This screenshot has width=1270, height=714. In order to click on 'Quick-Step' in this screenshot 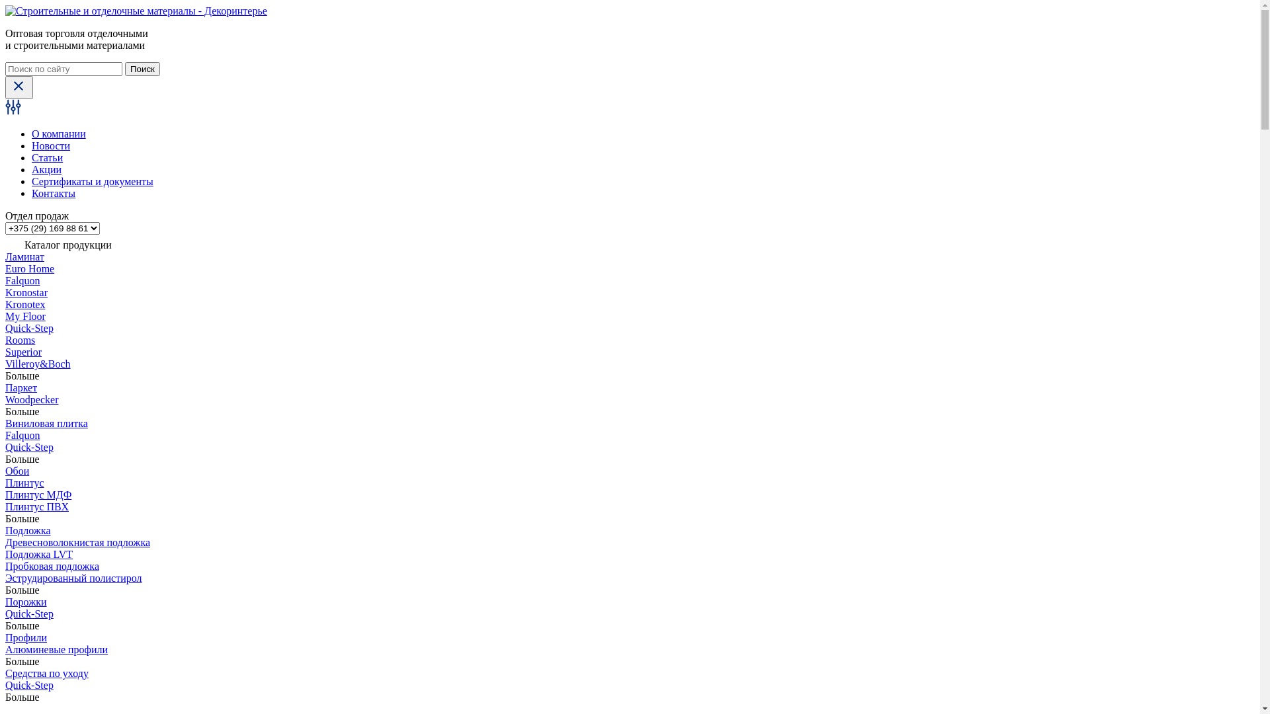, I will do `click(29, 327)`.